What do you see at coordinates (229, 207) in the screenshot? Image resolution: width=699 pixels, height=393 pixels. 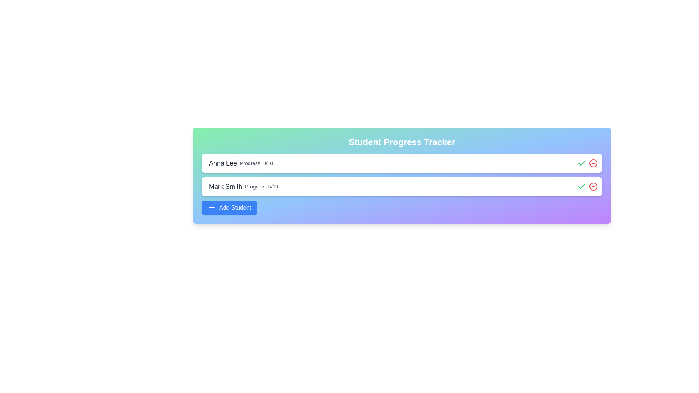 I see `the 'Add Student' button to add a new student to the list` at bounding box center [229, 207].